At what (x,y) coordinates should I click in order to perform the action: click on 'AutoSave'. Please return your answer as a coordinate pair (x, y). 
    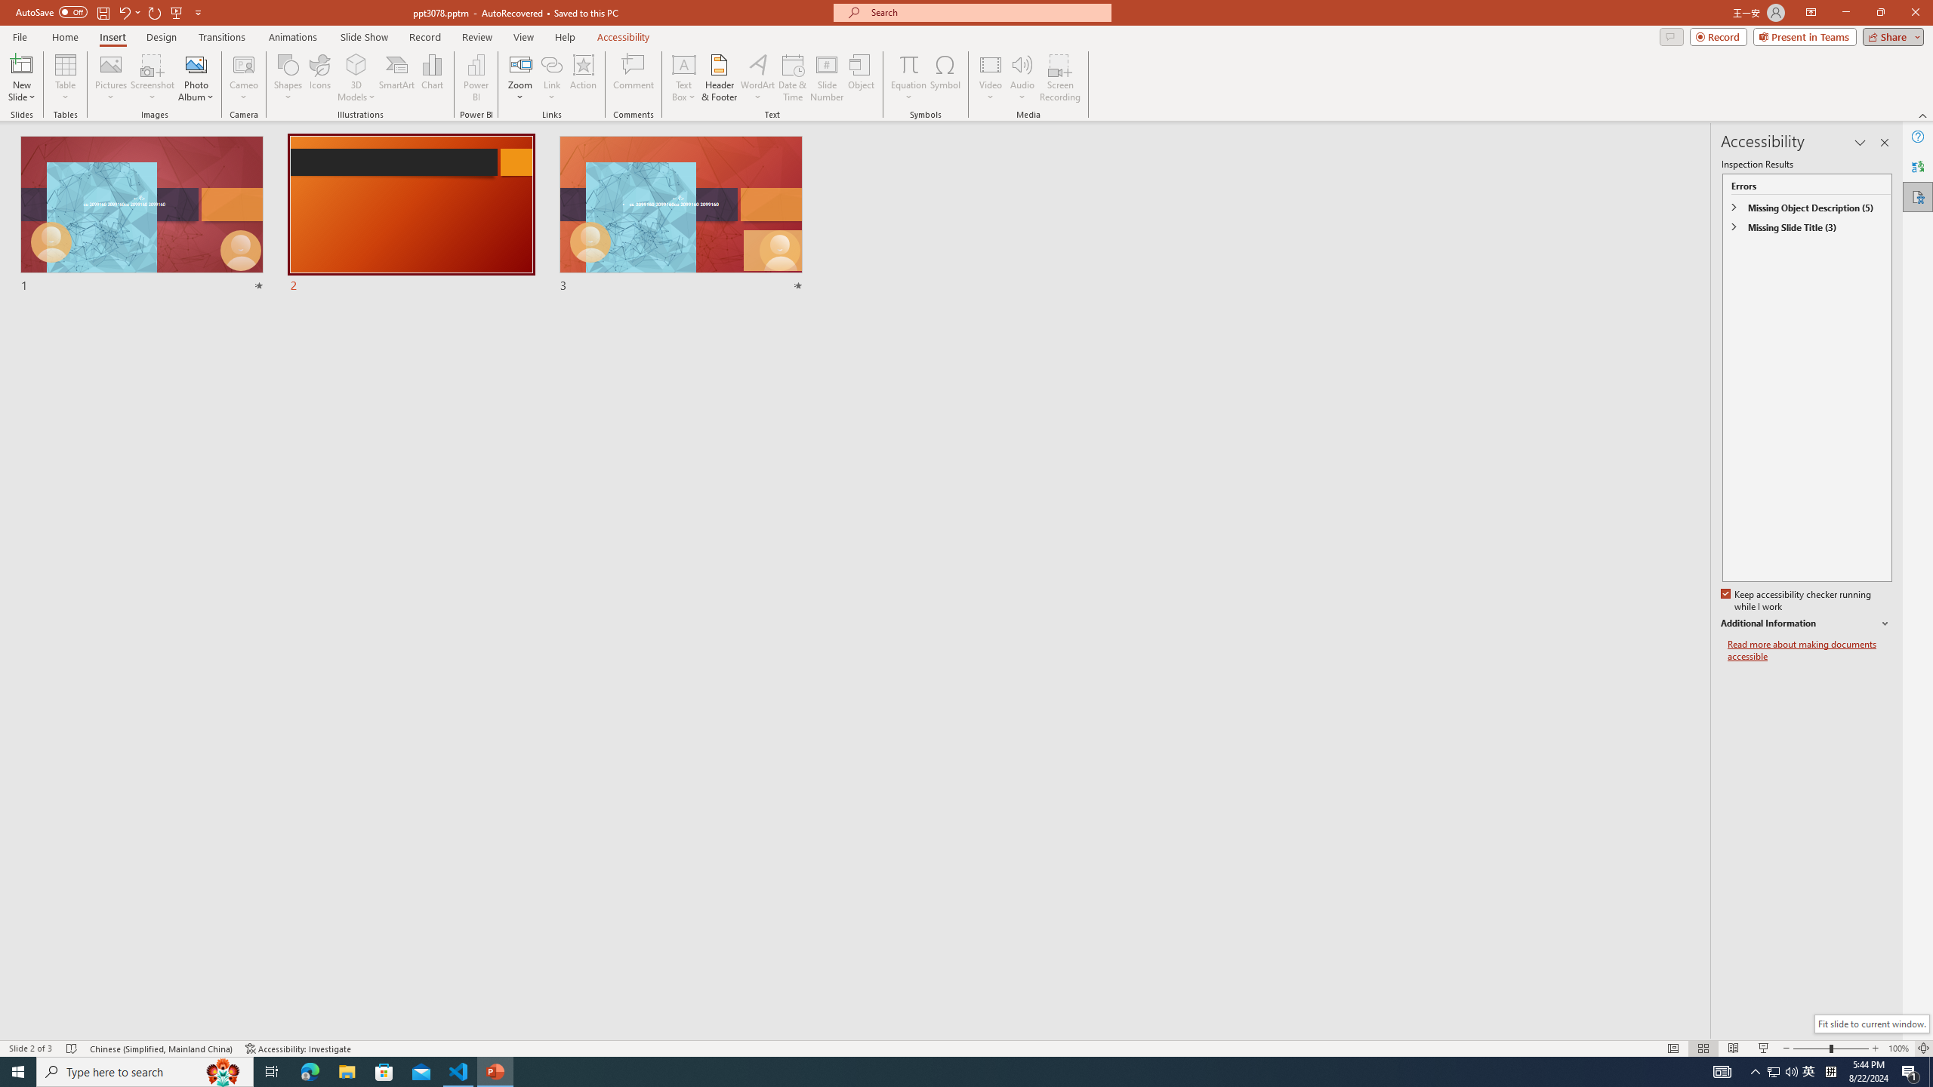
    Looking at the image, I should click on (52, 11).